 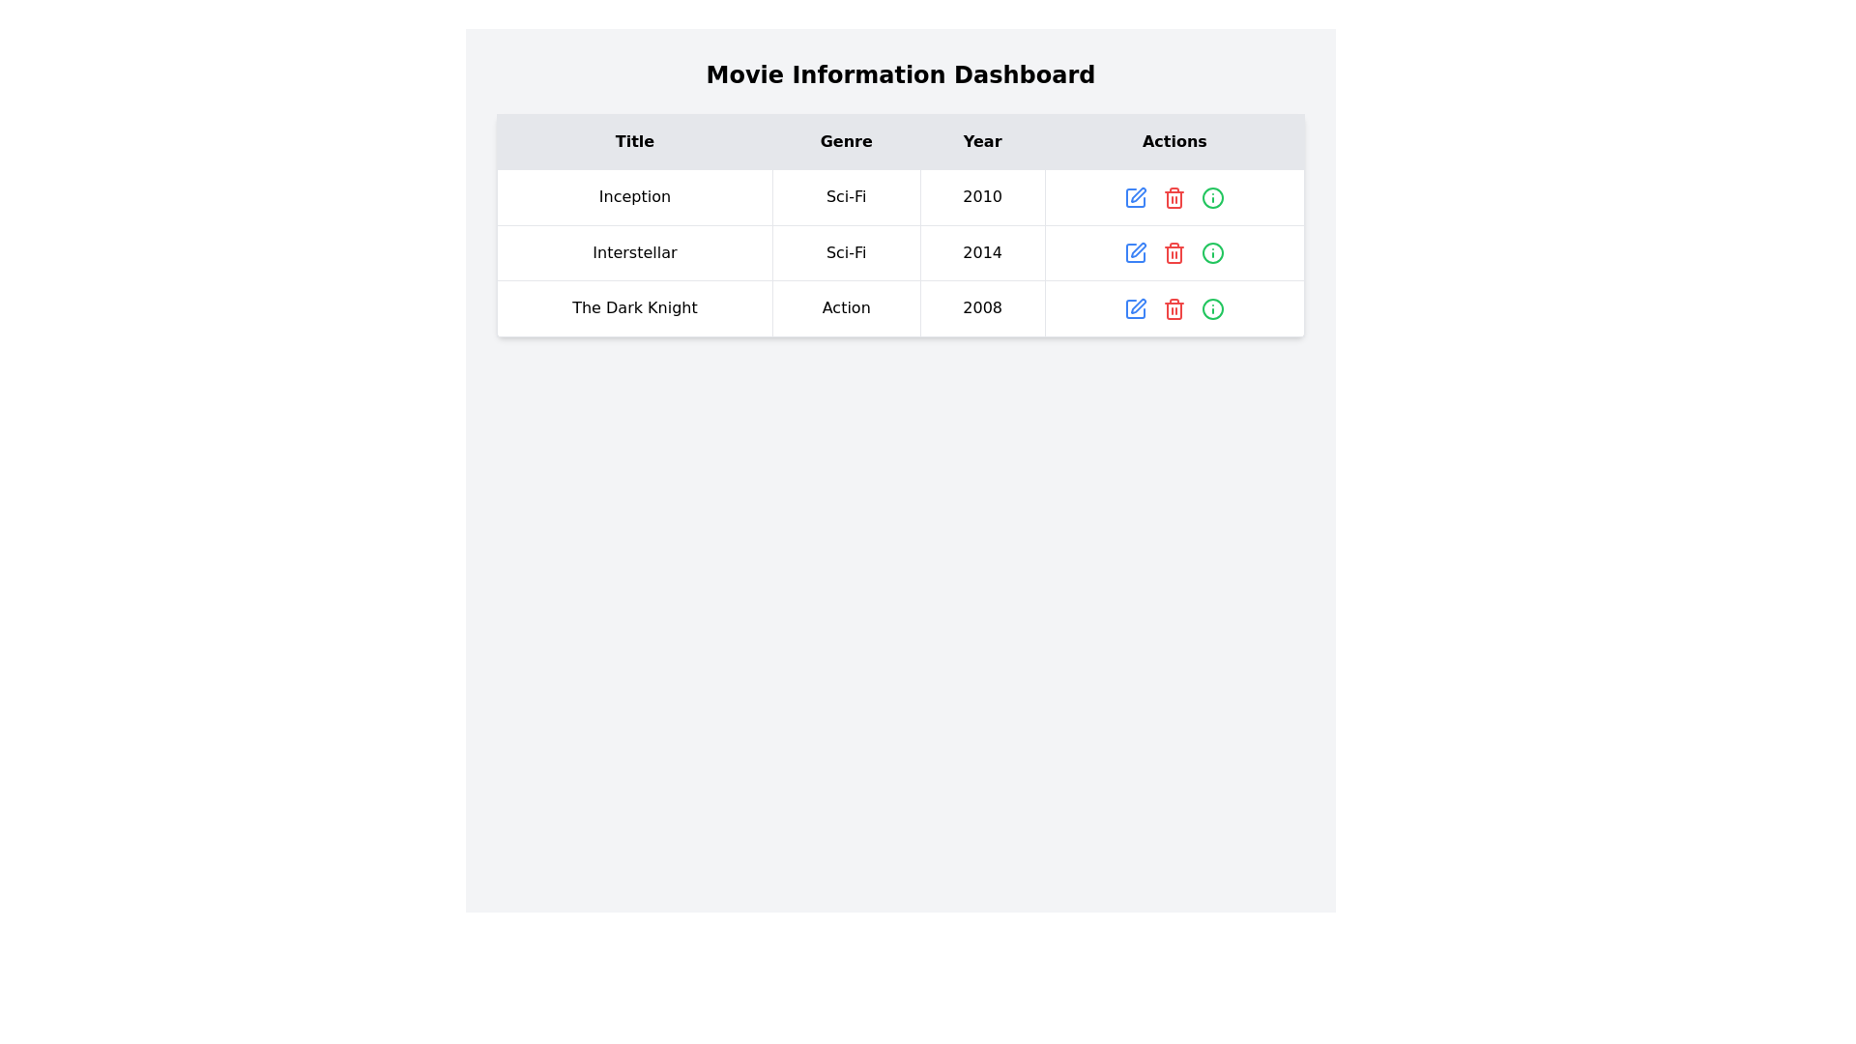 I want to click on the red trash icon button located in the rightmost column of the third row of actions in the table, so click(x=1174, y=307).